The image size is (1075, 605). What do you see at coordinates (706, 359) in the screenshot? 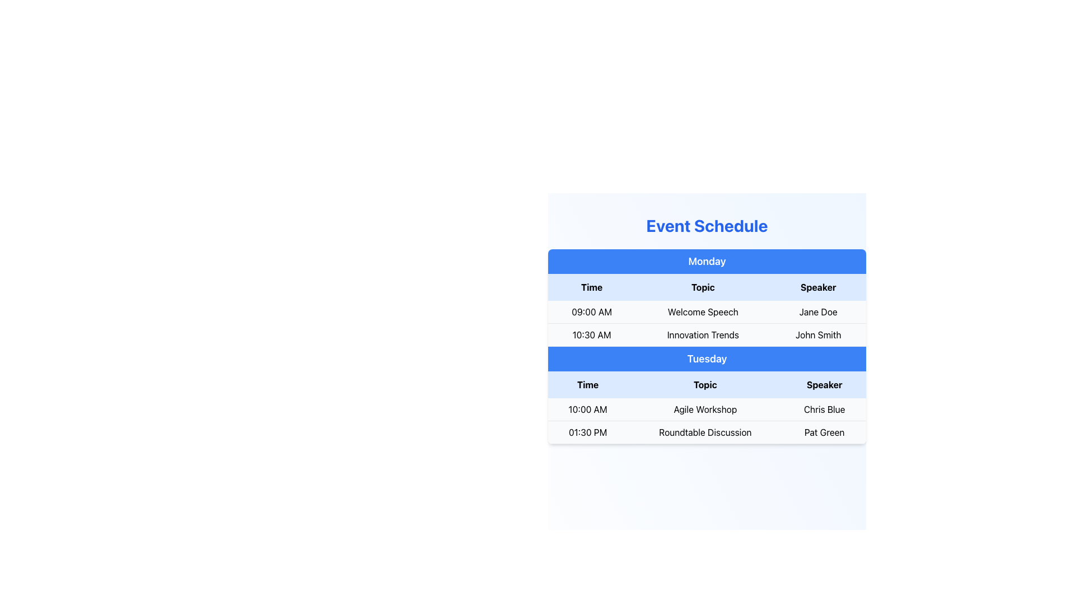
I see `the 'Tuesday' text label with a blue background` at bounding box center [706, 359].